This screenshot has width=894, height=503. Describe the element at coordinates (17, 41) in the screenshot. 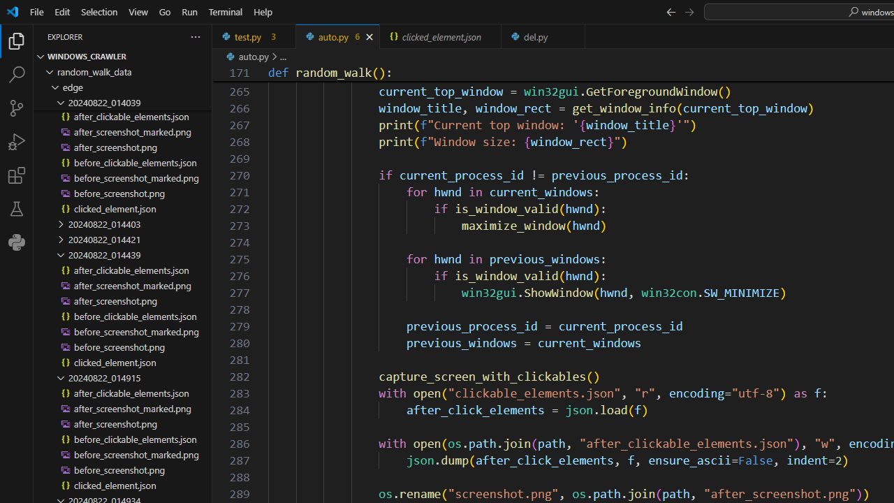

I see `'Explorer (Ctrl+Shift+E)'` at that location.